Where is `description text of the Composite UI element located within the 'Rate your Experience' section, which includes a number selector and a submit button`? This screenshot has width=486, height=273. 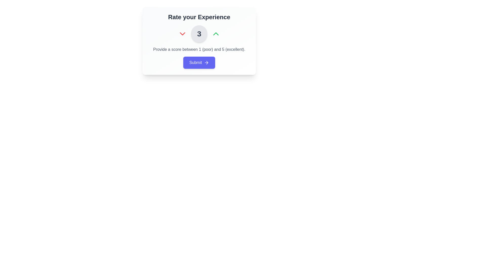
description text of the Composite UI element located within the 'Rate your Experience' section, which includes a number selector and a submit button is located at coordinates (199, 47).